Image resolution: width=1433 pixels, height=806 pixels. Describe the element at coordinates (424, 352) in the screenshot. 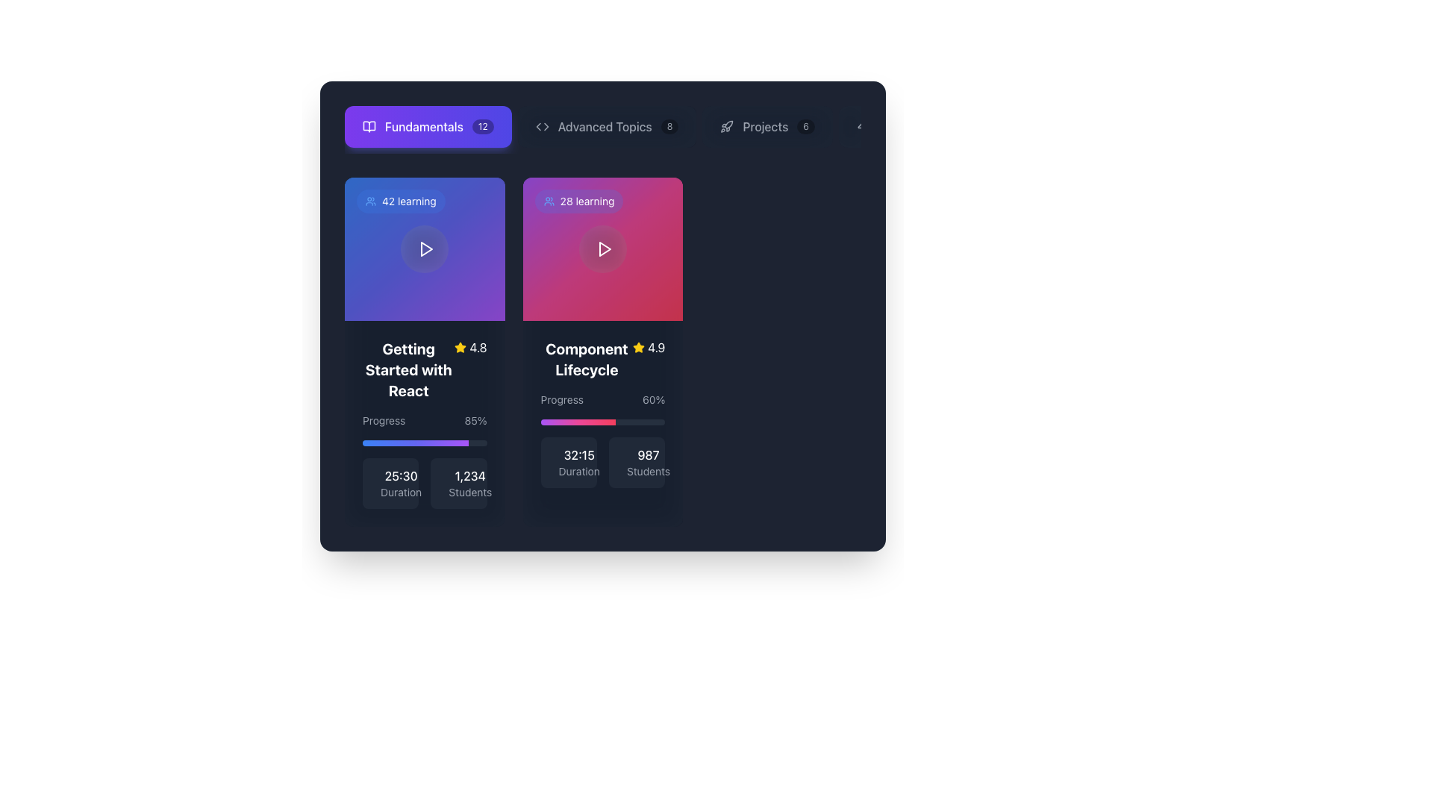

I see `the 'Getting Started with React' course card located in the left side of the grid layout` at that location.